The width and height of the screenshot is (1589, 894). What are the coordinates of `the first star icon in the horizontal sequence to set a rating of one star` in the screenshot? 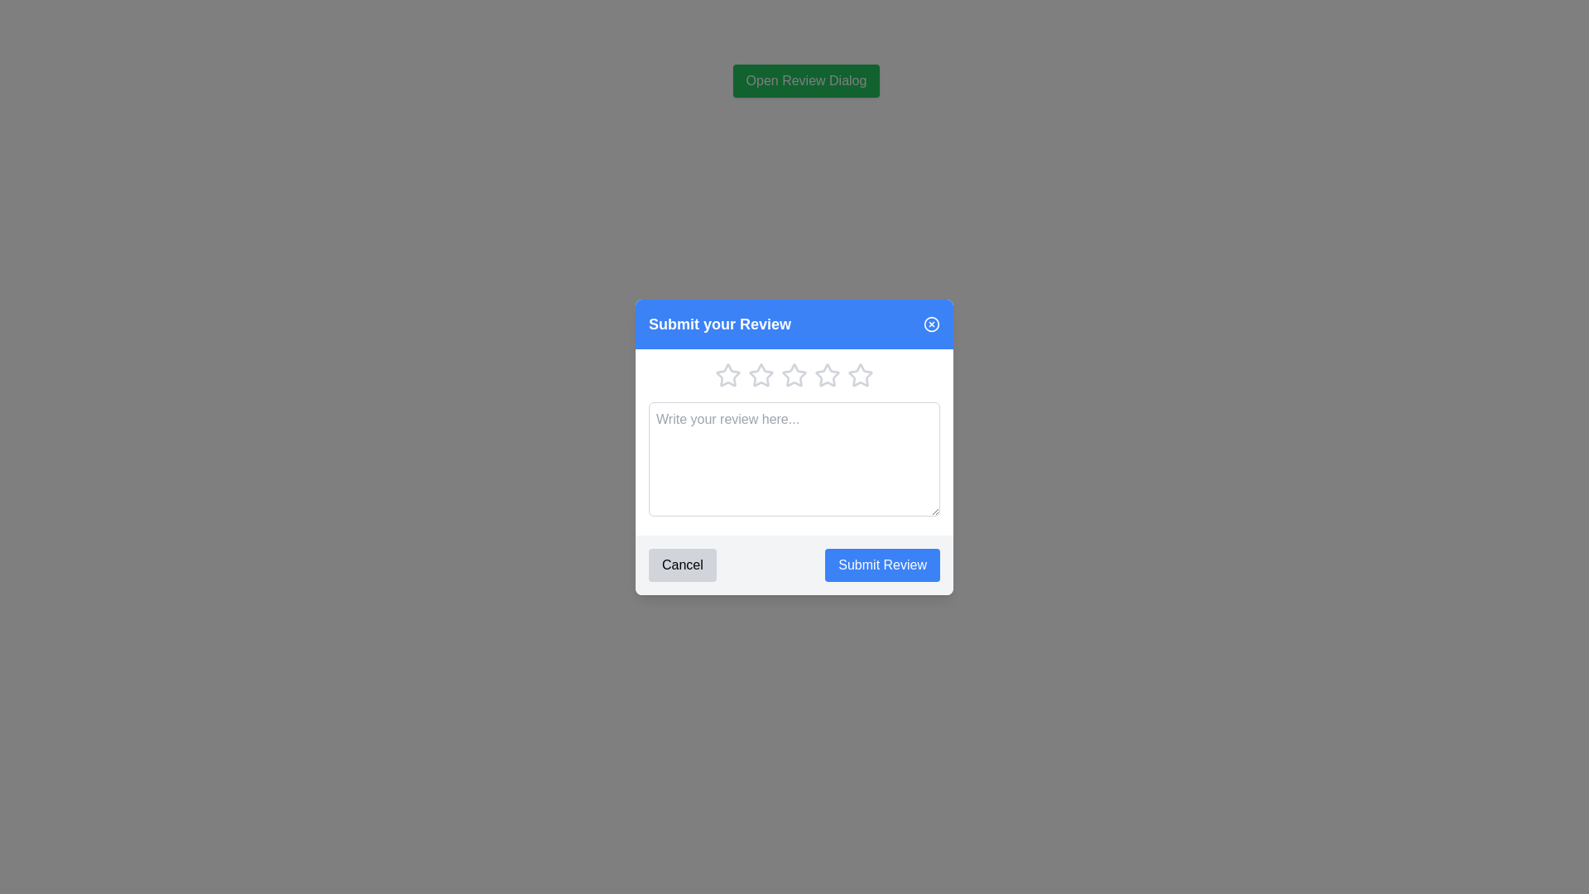 It's located at (727, 374).